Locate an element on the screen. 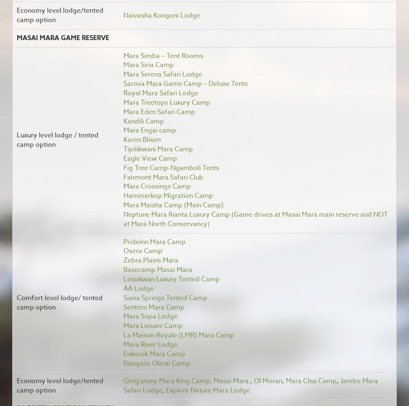 This screenshot has height=406, width=409. 'Fig Tree Camp-Ngamboli Tents' is located at coordinates (171, 167).